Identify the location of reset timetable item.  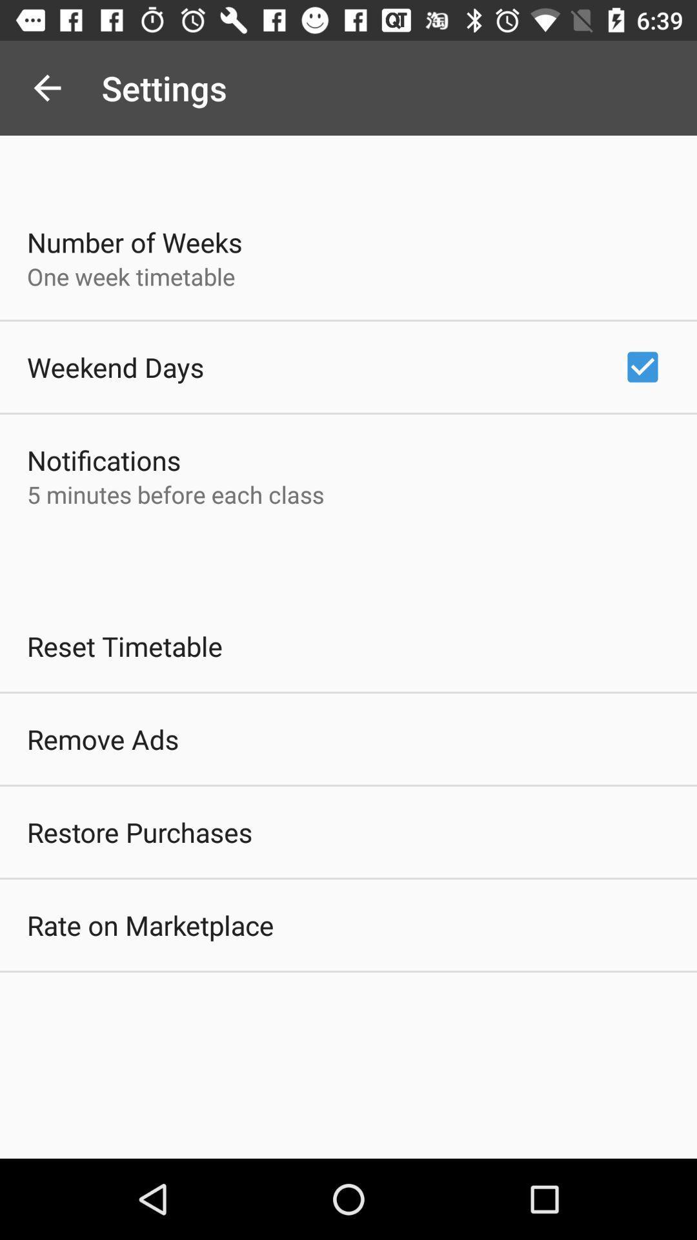
(125, 646).